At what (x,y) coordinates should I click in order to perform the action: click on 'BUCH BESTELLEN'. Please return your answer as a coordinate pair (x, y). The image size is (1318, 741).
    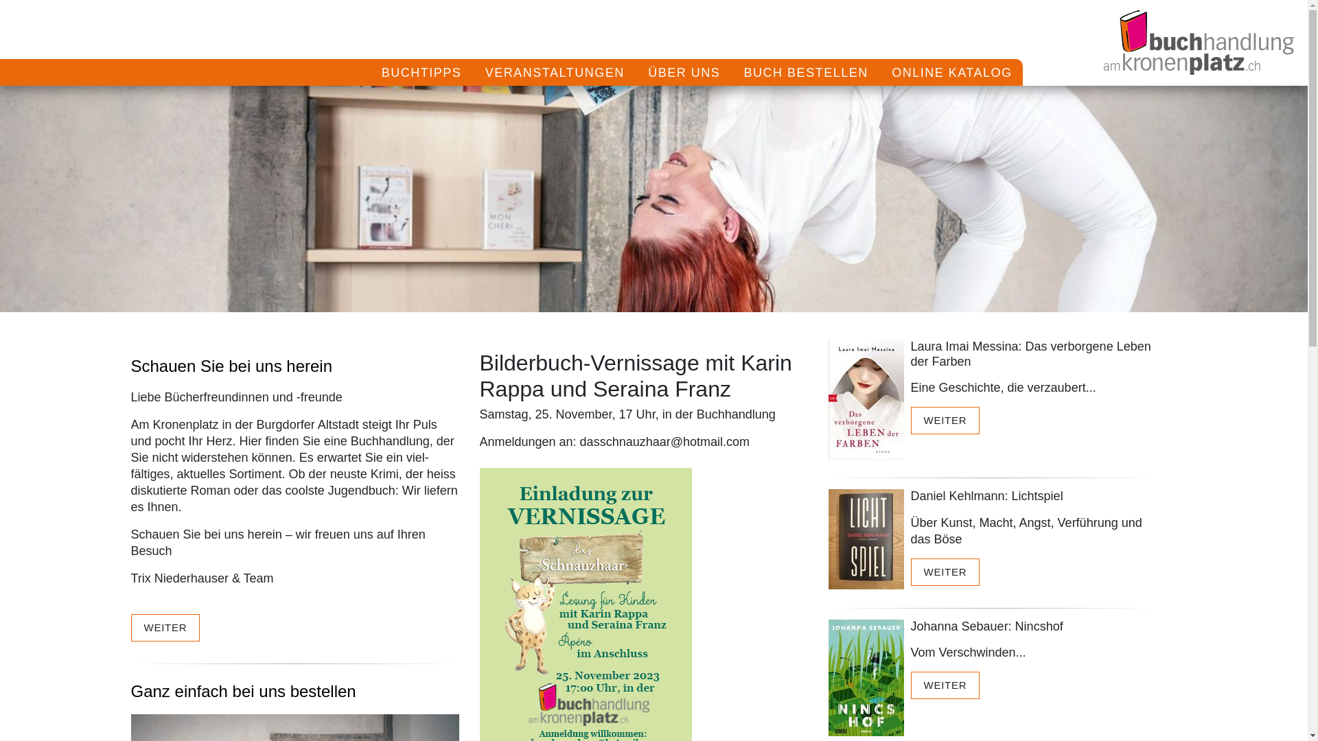
    Looking at the image, I should click on (806, 72).